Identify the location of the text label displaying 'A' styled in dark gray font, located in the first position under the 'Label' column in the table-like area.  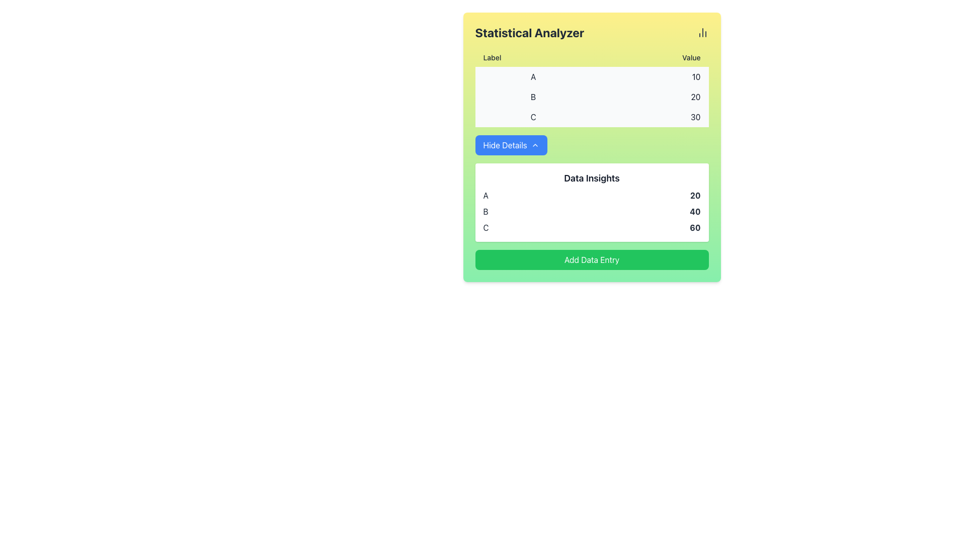
(533, 76).